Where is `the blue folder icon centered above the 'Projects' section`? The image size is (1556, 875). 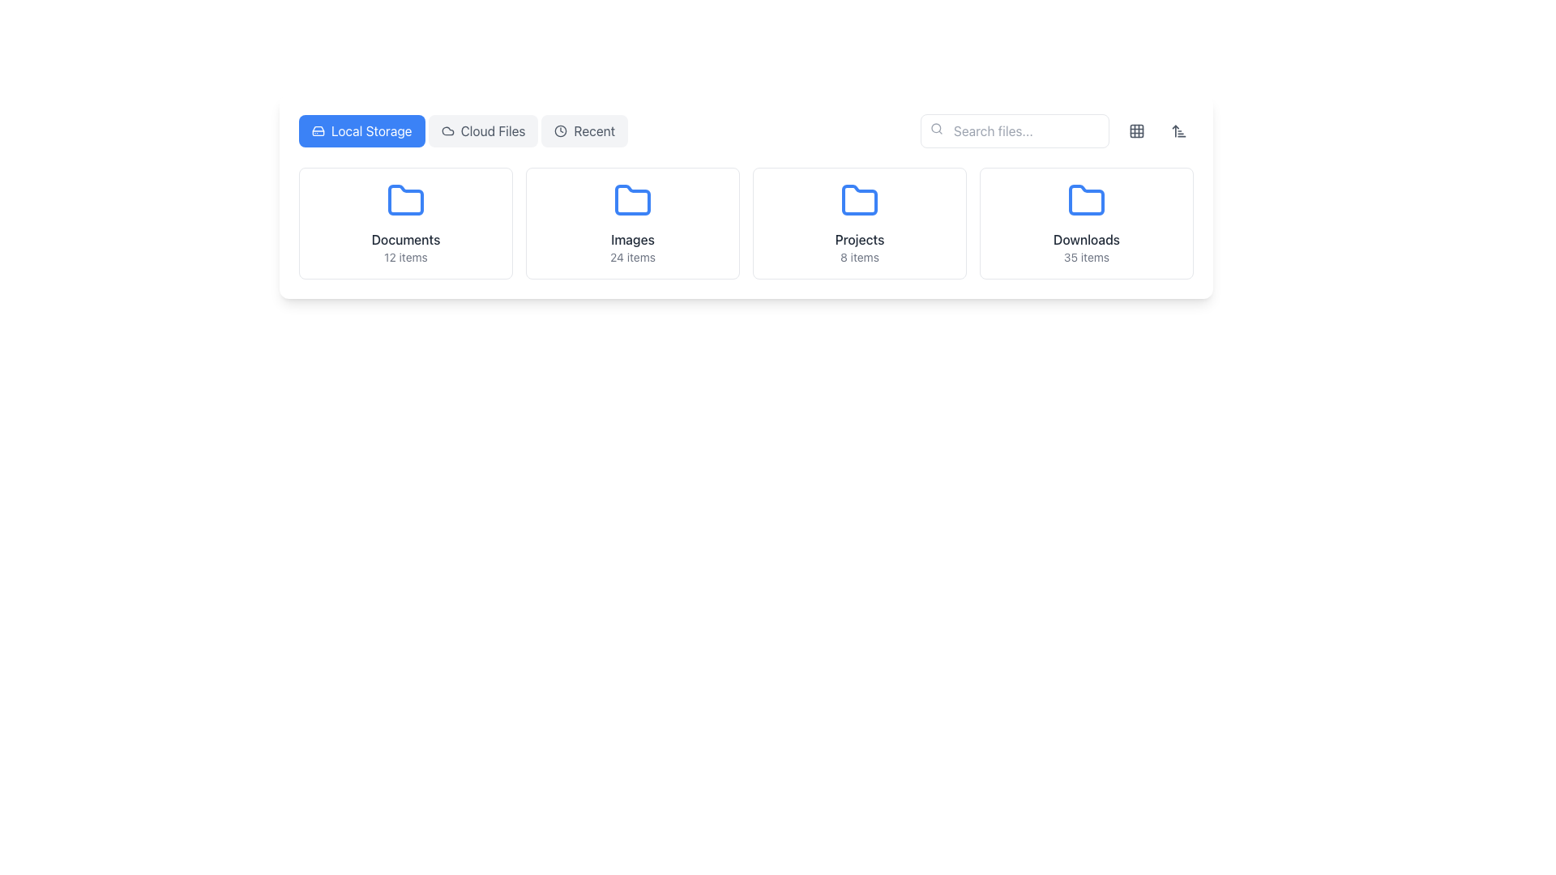 the blue folder icon centered above the 'Projects' section is located at coordinates (858, 199).